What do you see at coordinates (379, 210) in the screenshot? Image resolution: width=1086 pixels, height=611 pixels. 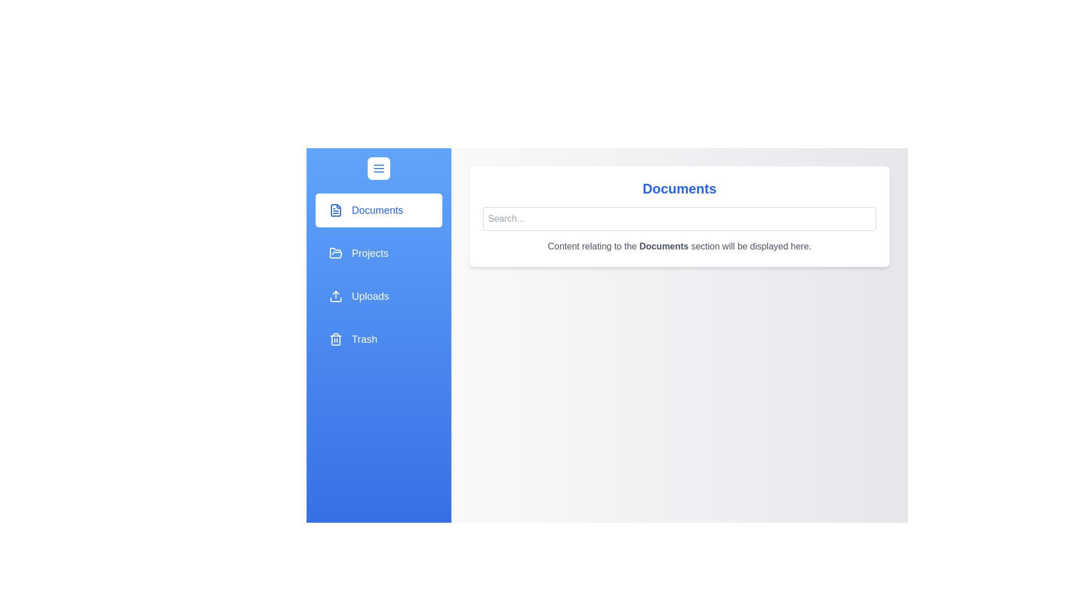 I see `the section Documents from the list` at bounding box center [379, 210].